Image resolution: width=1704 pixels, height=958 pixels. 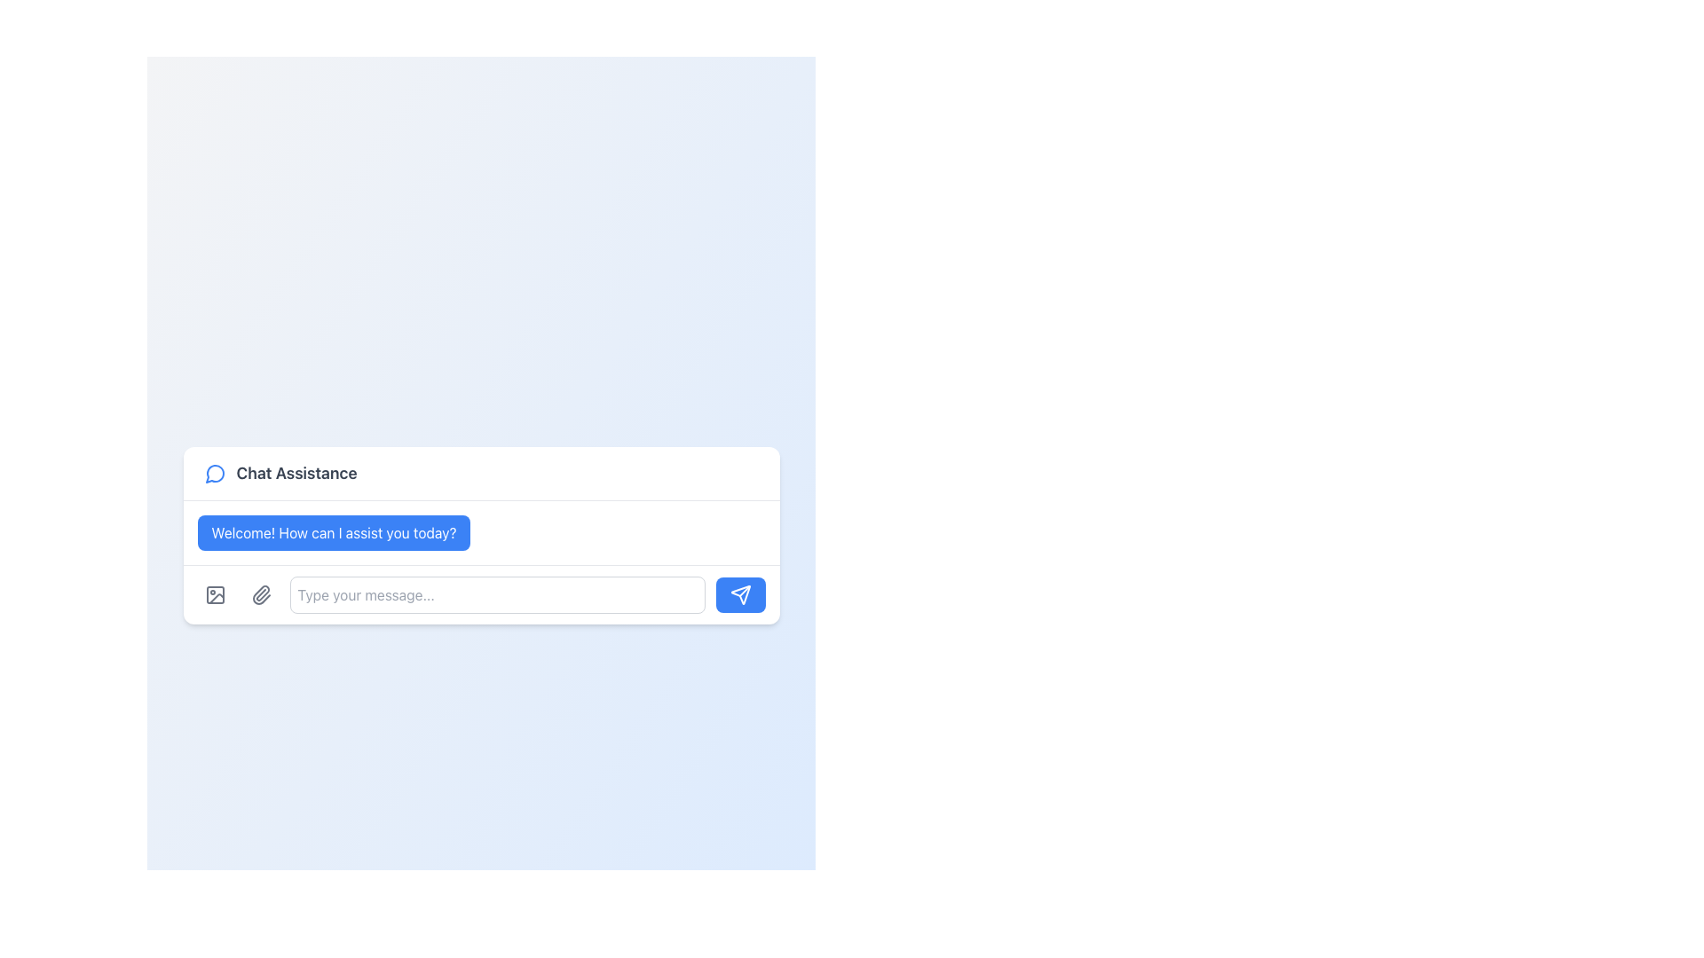 I want to click on the icon button resembling a small image placeholder with a border rectangle and a diagonal line across, located to the far left of the chat input area, so click(x=214, y=595).